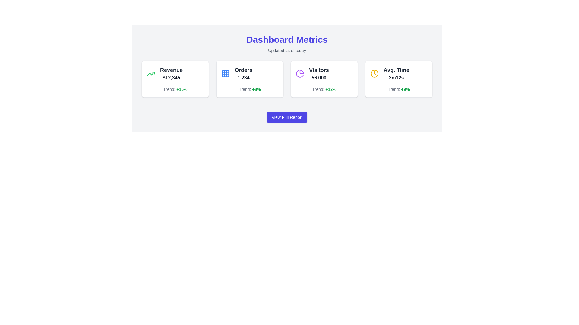  I want to click on the text element displaying '+8%' in bold green font, indicating a positive trend, located in the 'Orders' card component, aligned with 'Revenue', 'Visitors', and 'Avg. Time', so click(256, 89).